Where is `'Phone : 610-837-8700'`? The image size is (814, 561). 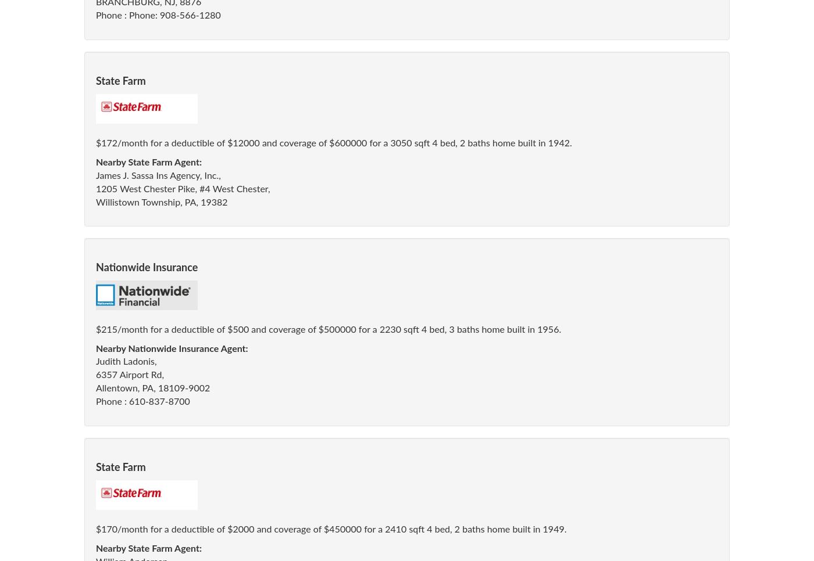 'Phone : 610-837-8700' is located at coordinates (142, 401).